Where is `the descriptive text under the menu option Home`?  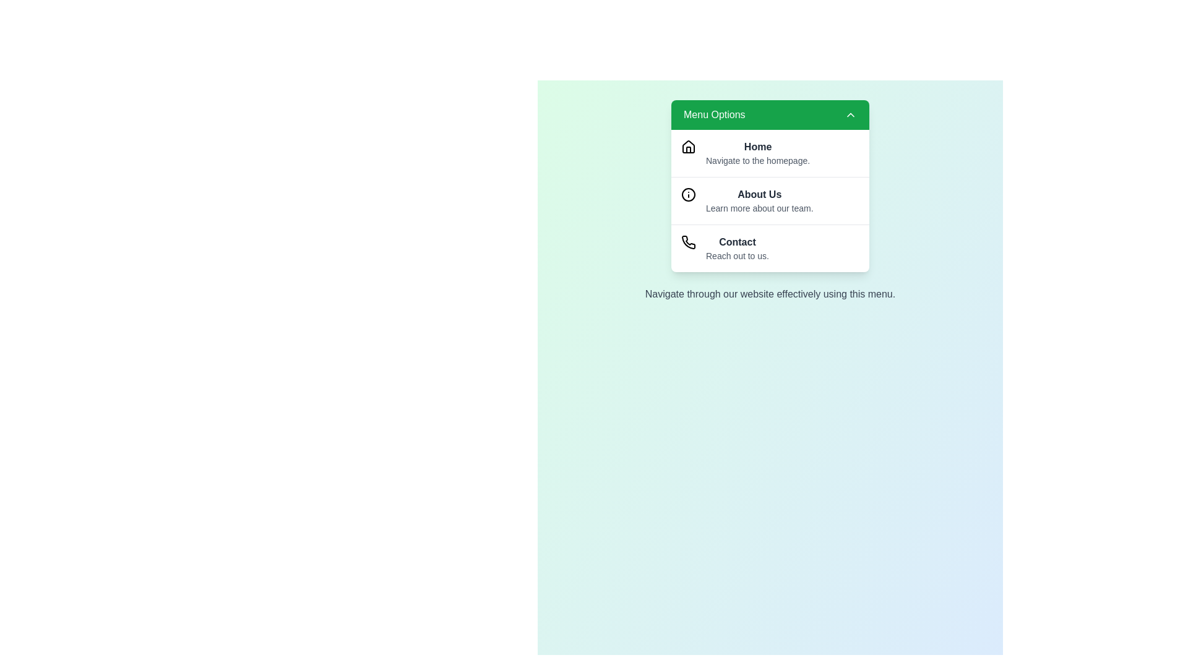 the descriptive text under the menu option Home is located at coordinates (757, 160).